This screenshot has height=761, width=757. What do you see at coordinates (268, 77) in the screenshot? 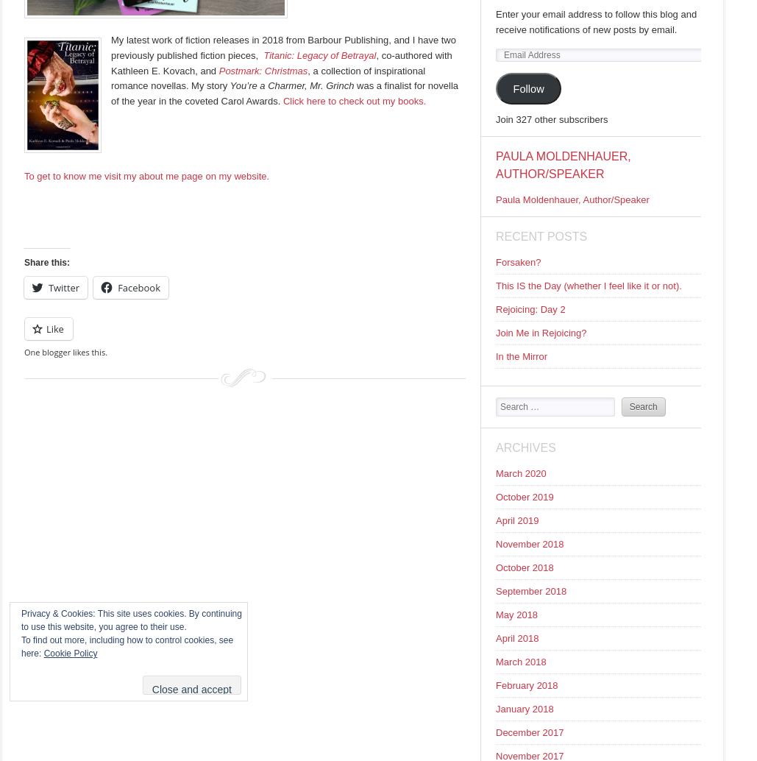
I see `', a collection of inspirational romance novellas. My story'` at bounding box center [268, 77].